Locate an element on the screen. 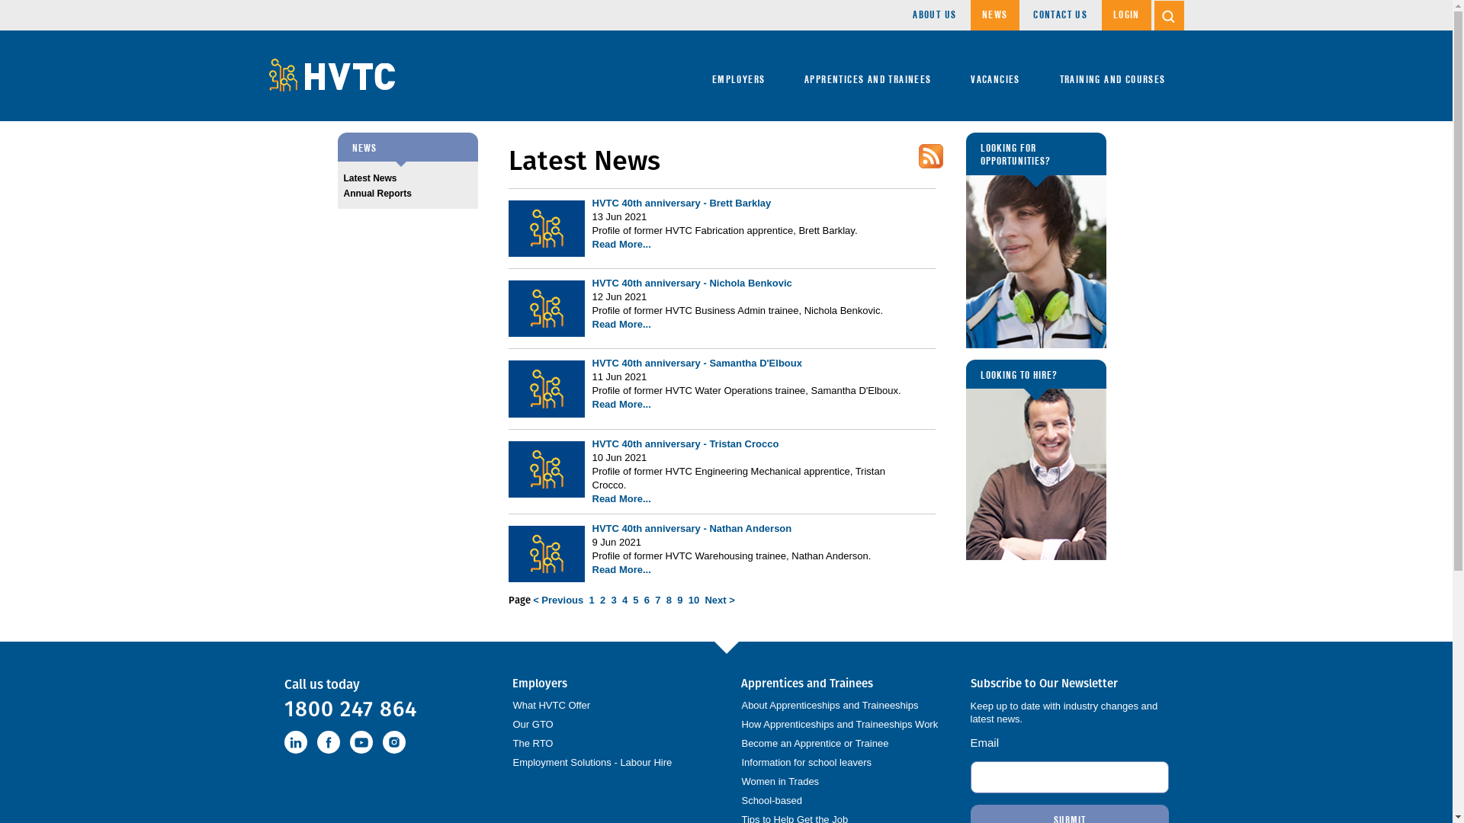  'TRAINING AND COURSES' is located at coordinates (1112, 75).